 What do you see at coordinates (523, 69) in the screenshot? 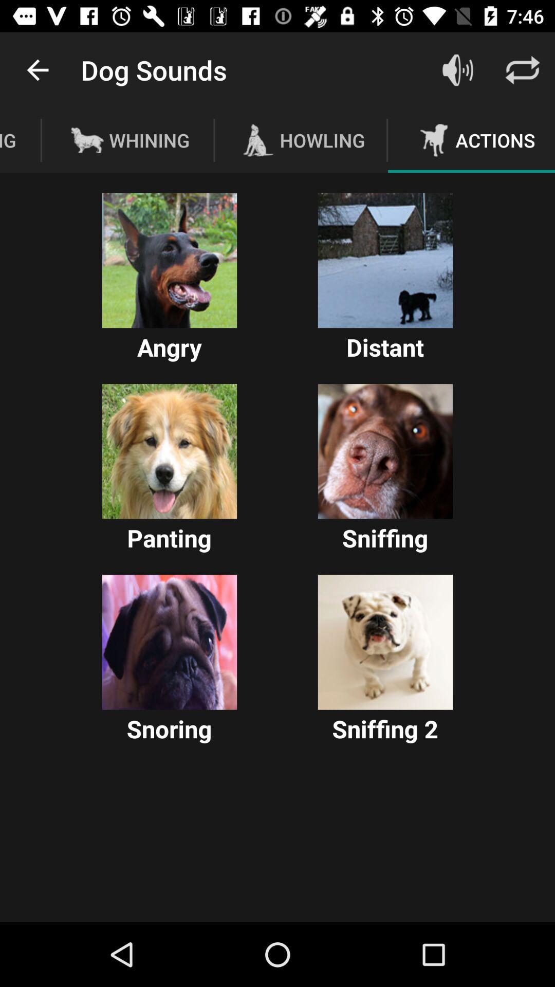
I see `refresh page` at bounding box center [523, 69].